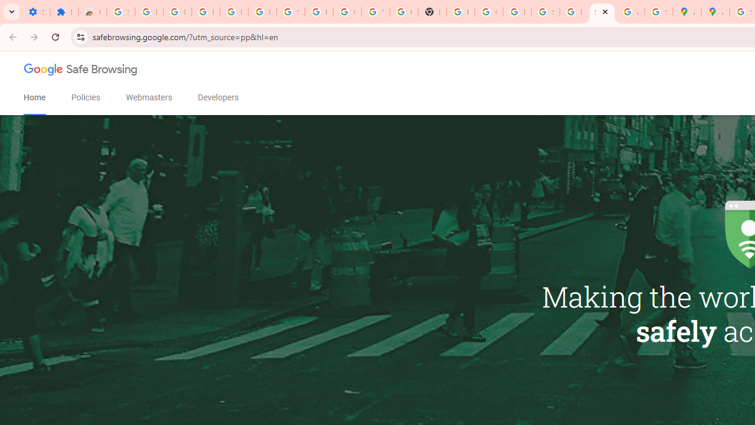  I want to click on 'Settings - On startup', so click(35, 12).